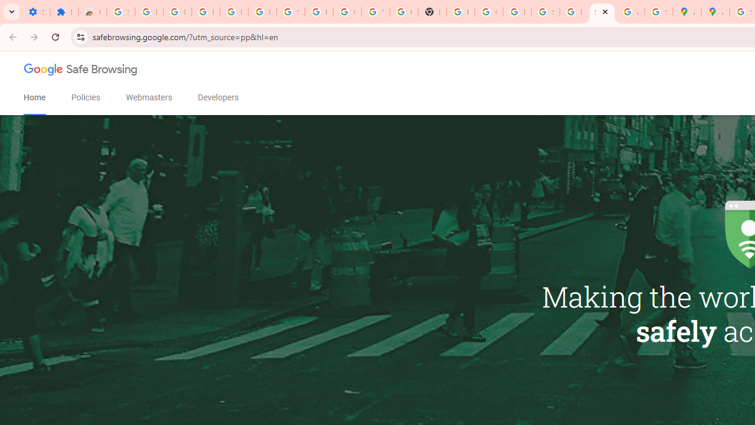  I want to click on 'Settings - On startup', so click(35, 12).